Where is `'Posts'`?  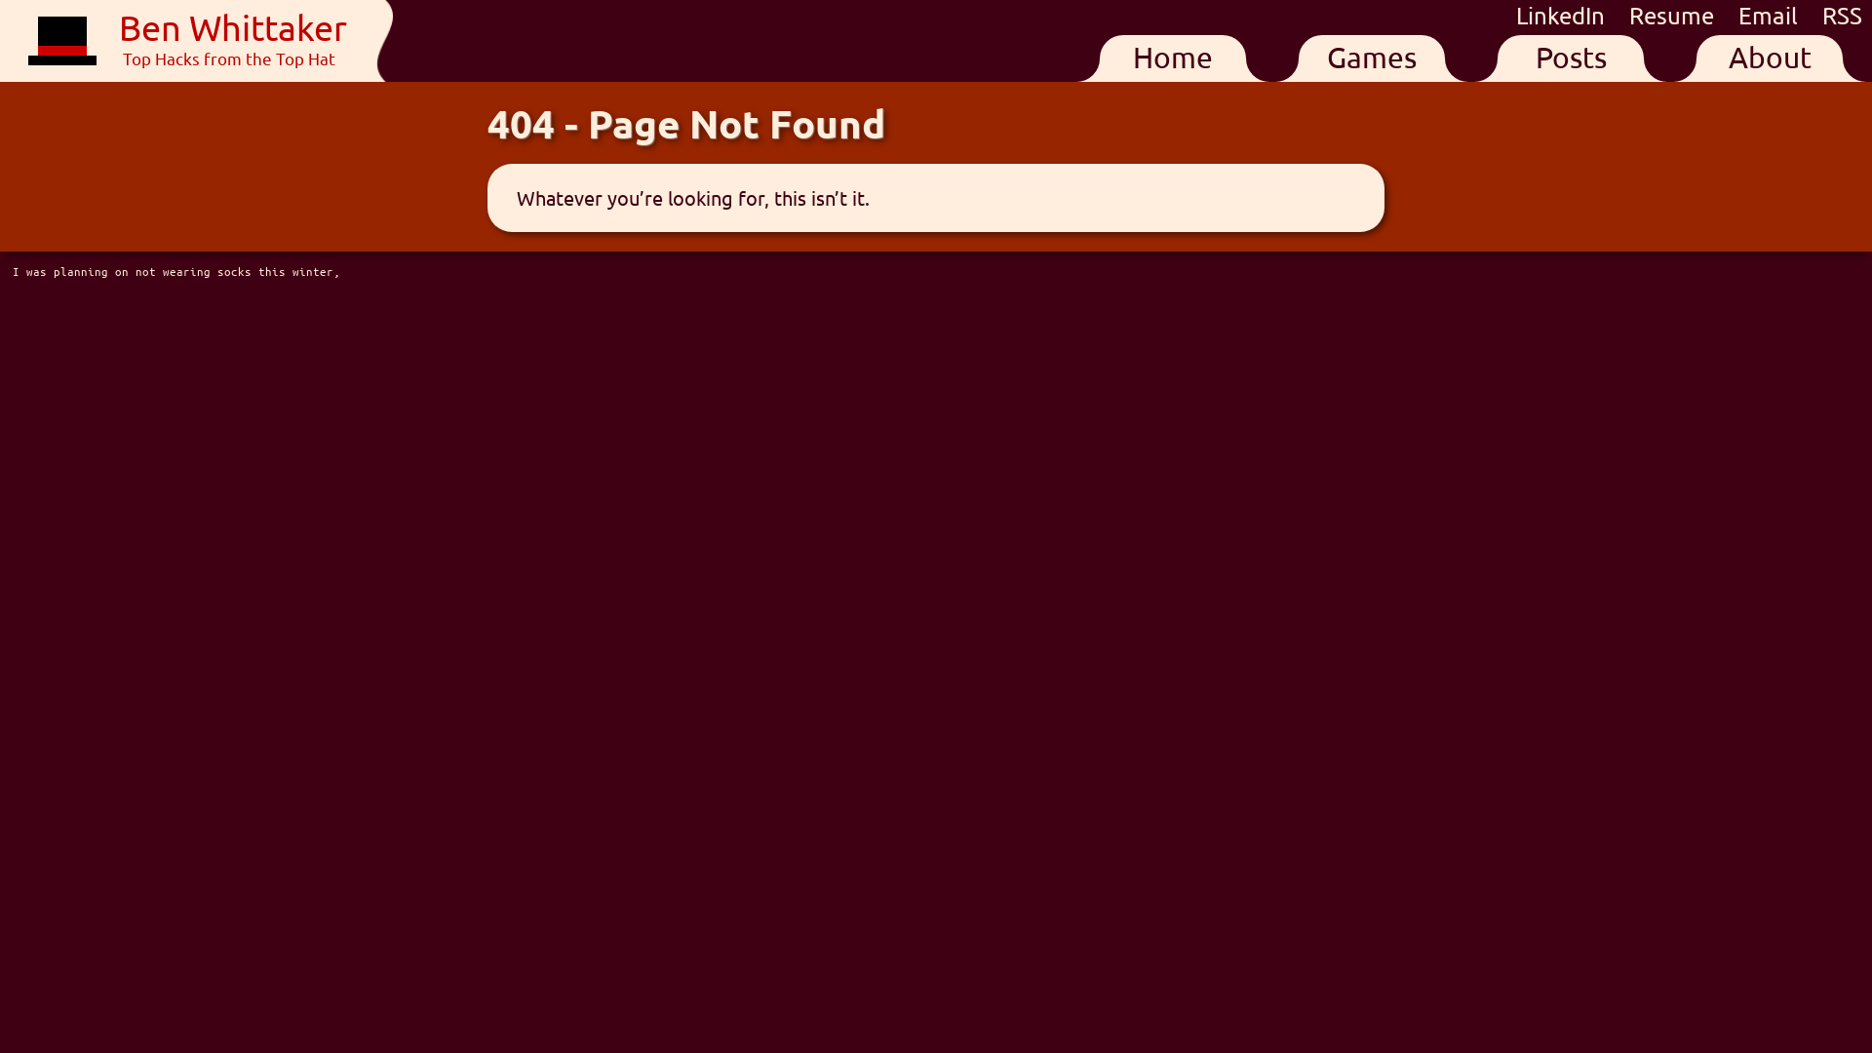
'Posts' is located at coordinates (1571, 58).